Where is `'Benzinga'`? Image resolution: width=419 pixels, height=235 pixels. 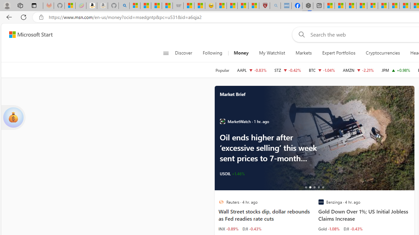
'Benzinga' is located at coordinates (321, 202).